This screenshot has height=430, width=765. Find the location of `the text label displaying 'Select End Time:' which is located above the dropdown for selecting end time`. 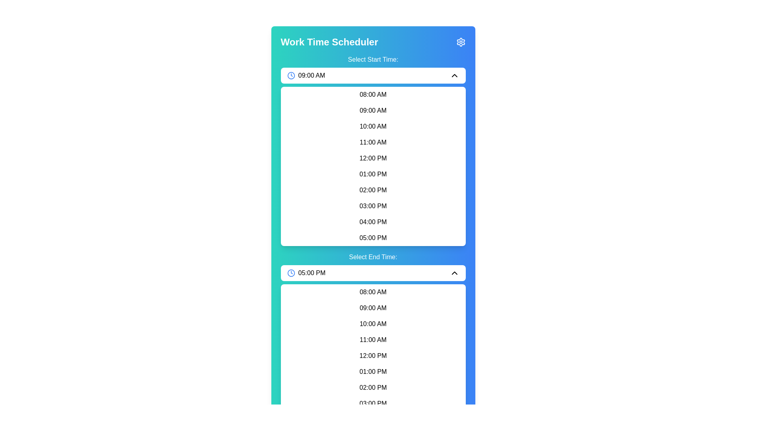

the text label displaying 'Select End Time:' which is located above the dropdown for selecting end time is located at coordinates (373, 257).